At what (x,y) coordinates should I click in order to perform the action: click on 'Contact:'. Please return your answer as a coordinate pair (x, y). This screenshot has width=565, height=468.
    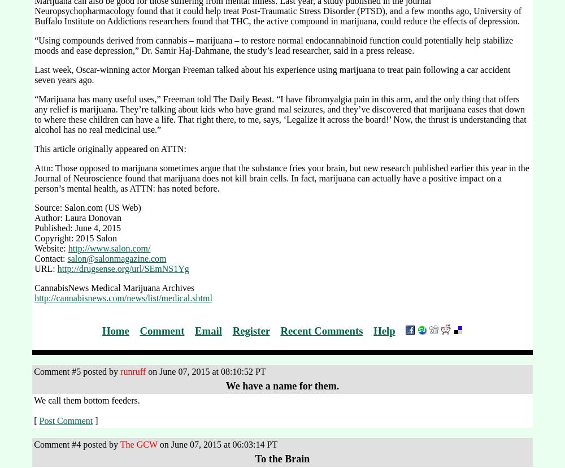
    Looking at the image, I should click on (50, 258).